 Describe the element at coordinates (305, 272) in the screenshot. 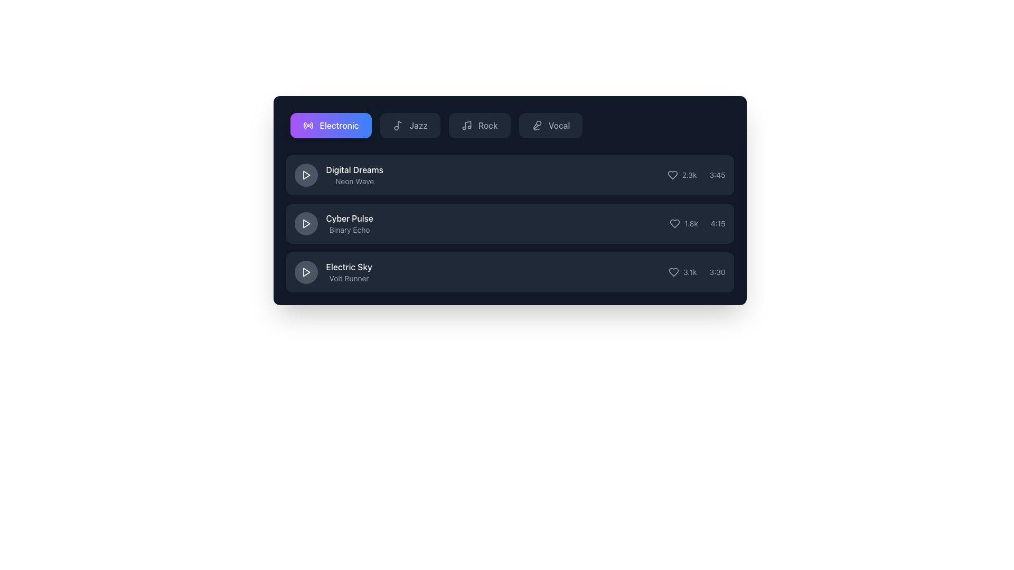

I see `the play button represented by a white triangular shape on a dark circular background located in the middle of the left side of the list item labeled 'Electric Sky' to play the associated media` at that location.